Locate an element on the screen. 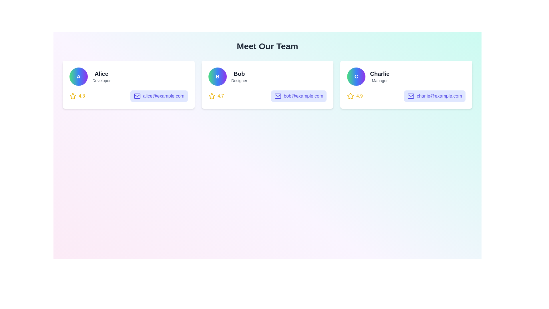 The width and height of the screenshot is (549, 309). the email icon indicating email communication, located to the left of 'charlie@example.com' under the 'Meet Our Team' section, specifically in the third card for 'Charlie (Manager)' is located at coordinates (411, 96).